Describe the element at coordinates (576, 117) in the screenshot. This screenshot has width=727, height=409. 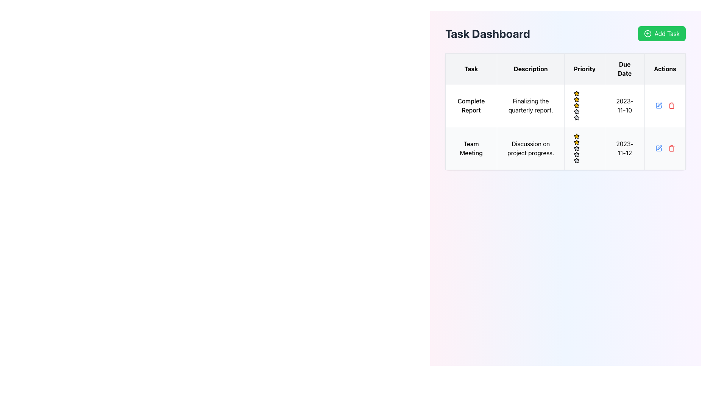
I see `the fifth star-shaped icon in the priority column indicating a selected rating for the 'Complete Report' task for visual feedback` at that location.